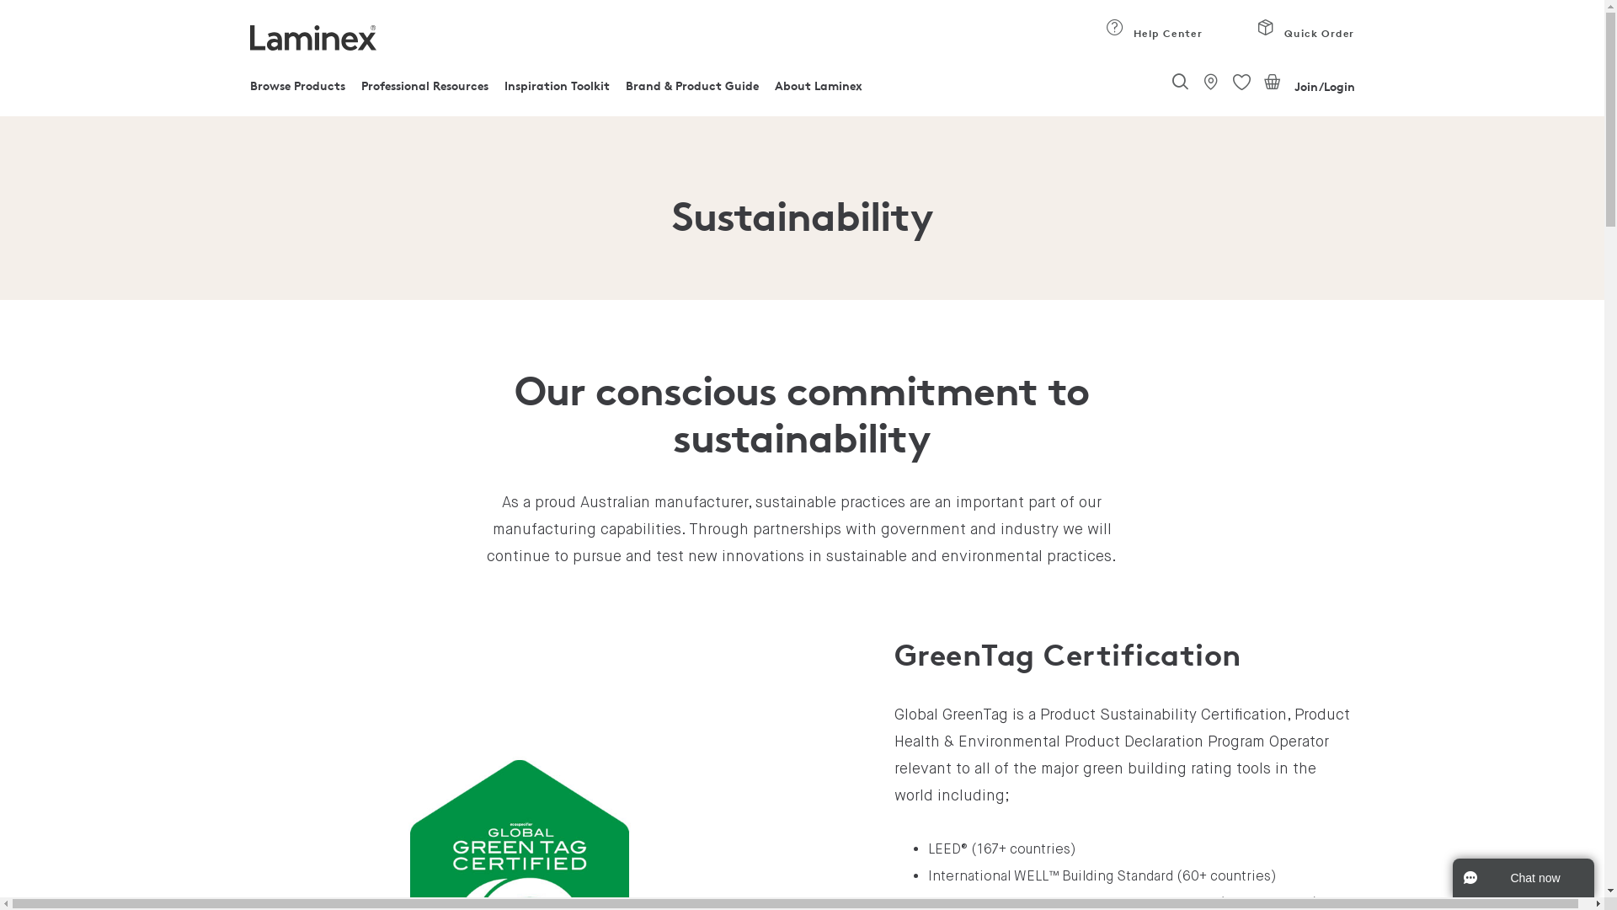 The height and width of the screenshot is (910, 1617). Describe the element at coordinates (1305, 37) in the screenshot. I see `'Quick Order'` at that location.